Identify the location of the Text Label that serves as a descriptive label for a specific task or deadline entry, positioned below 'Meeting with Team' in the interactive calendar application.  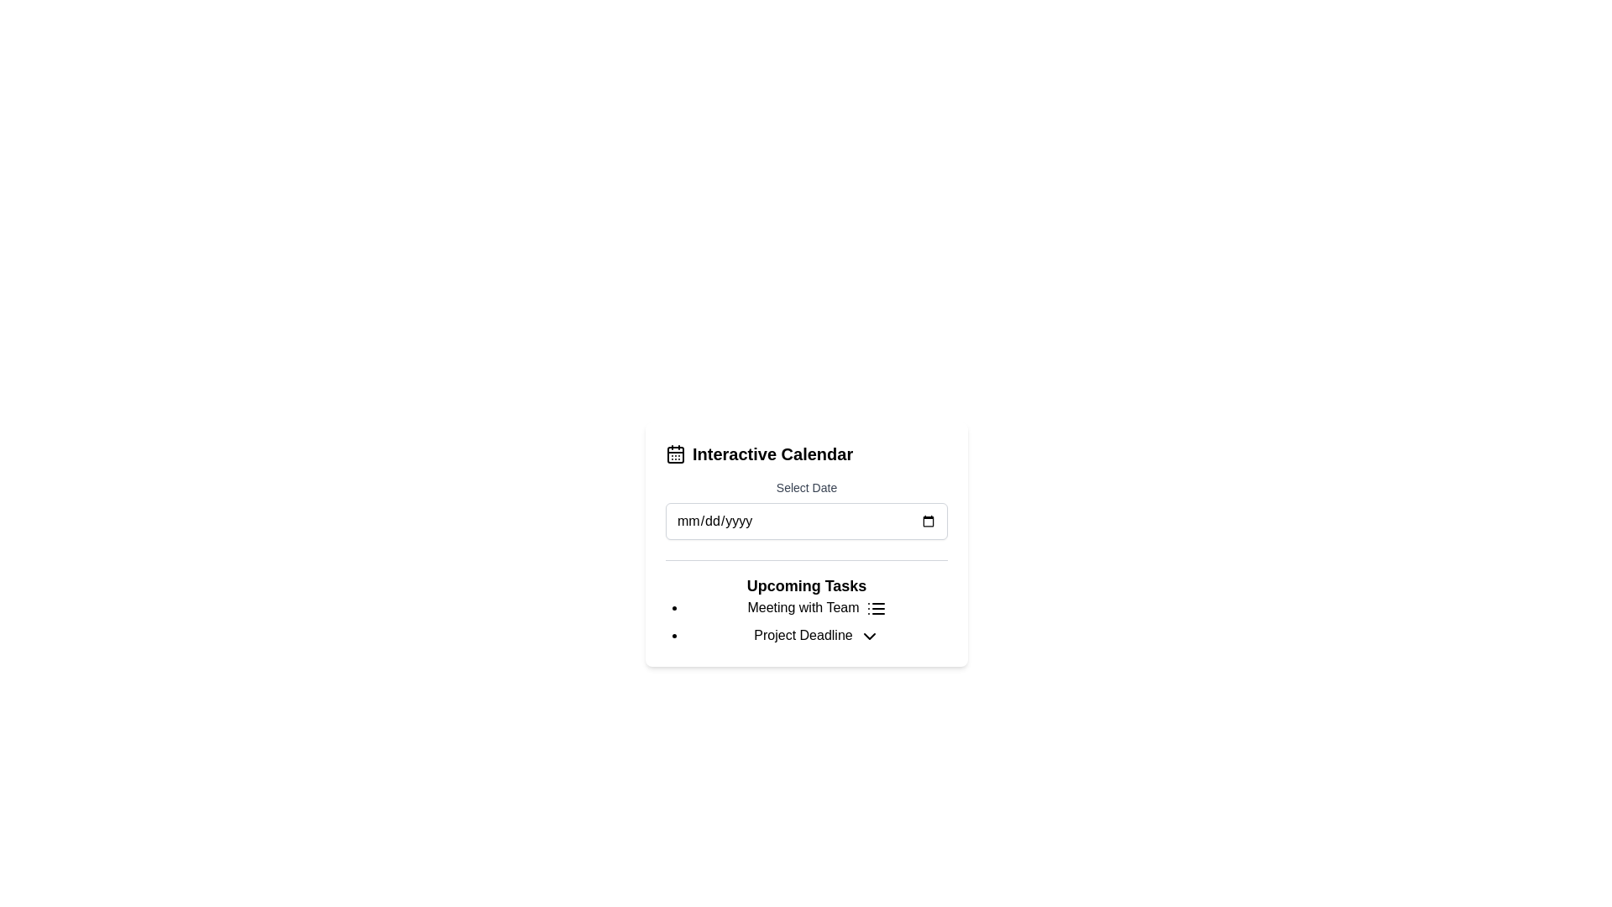
(802, 635).